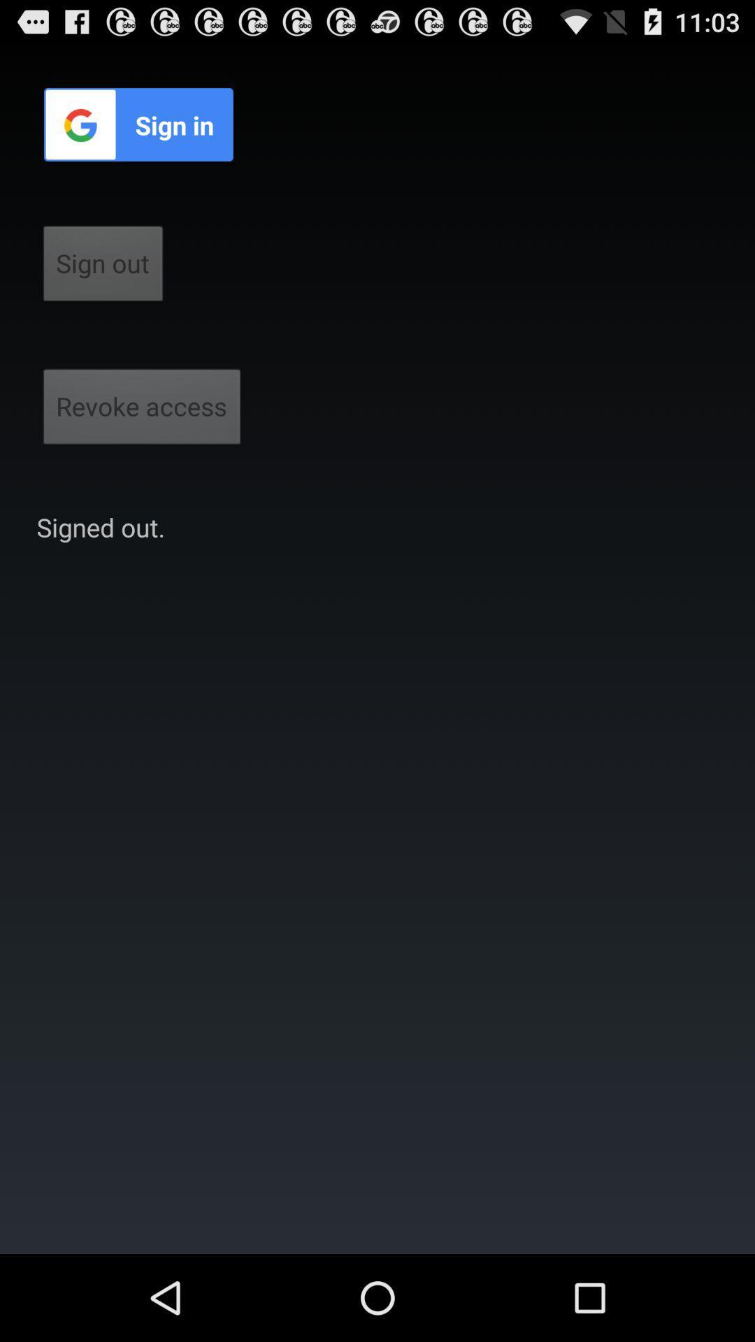 This screenshot has width=755, height=1342. I want to click on revoke access button, so click(142, 410).